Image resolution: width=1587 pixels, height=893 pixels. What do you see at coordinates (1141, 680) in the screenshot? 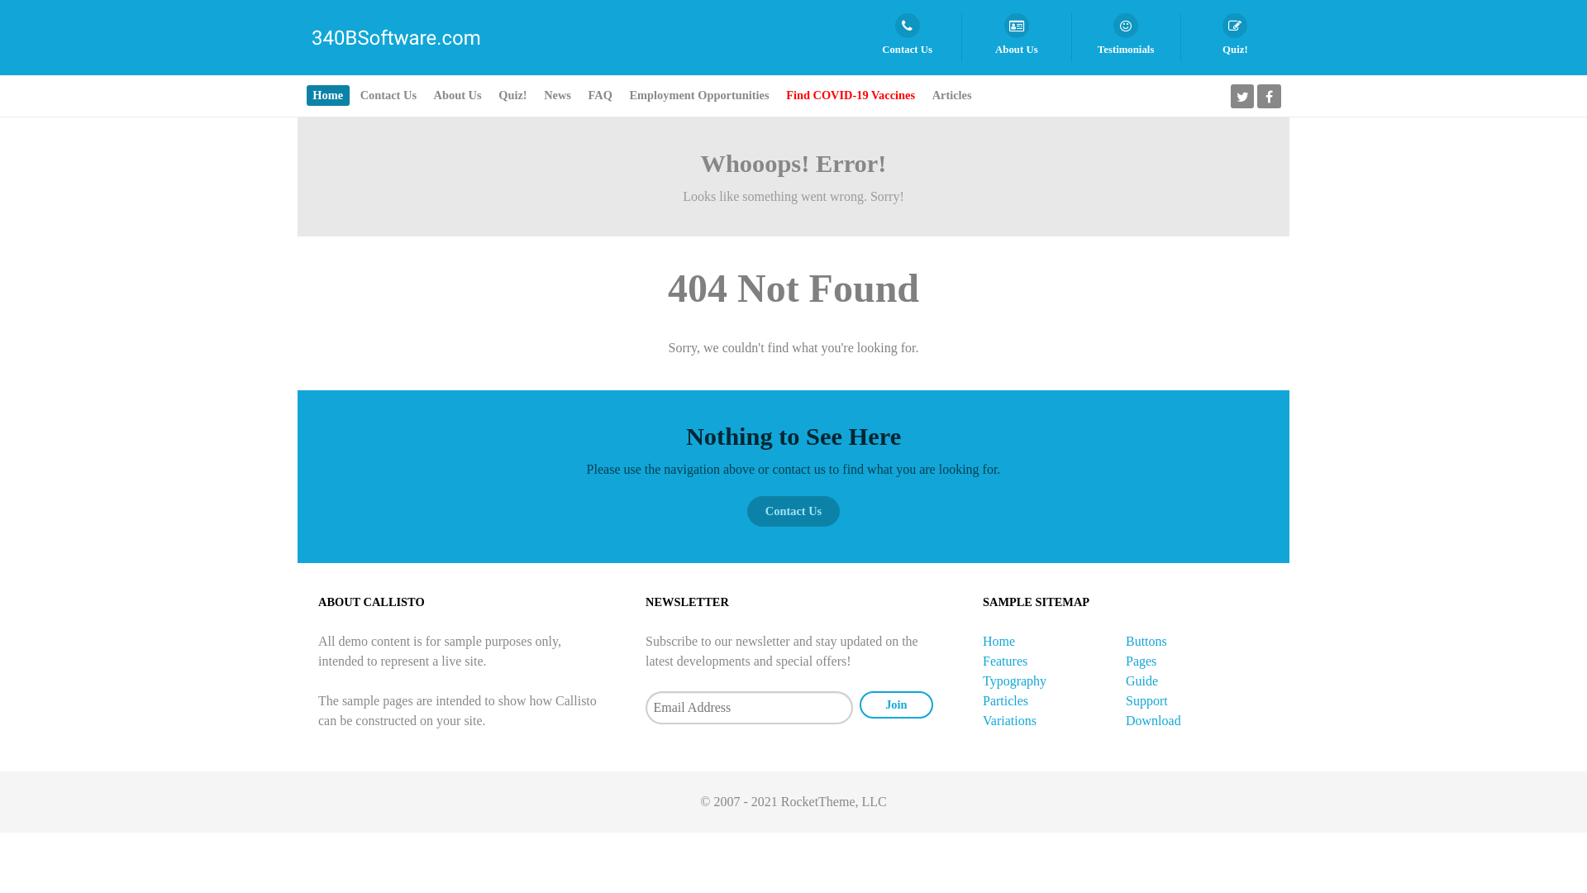
I see `'Guide'` at bounding box center [1141, 680].